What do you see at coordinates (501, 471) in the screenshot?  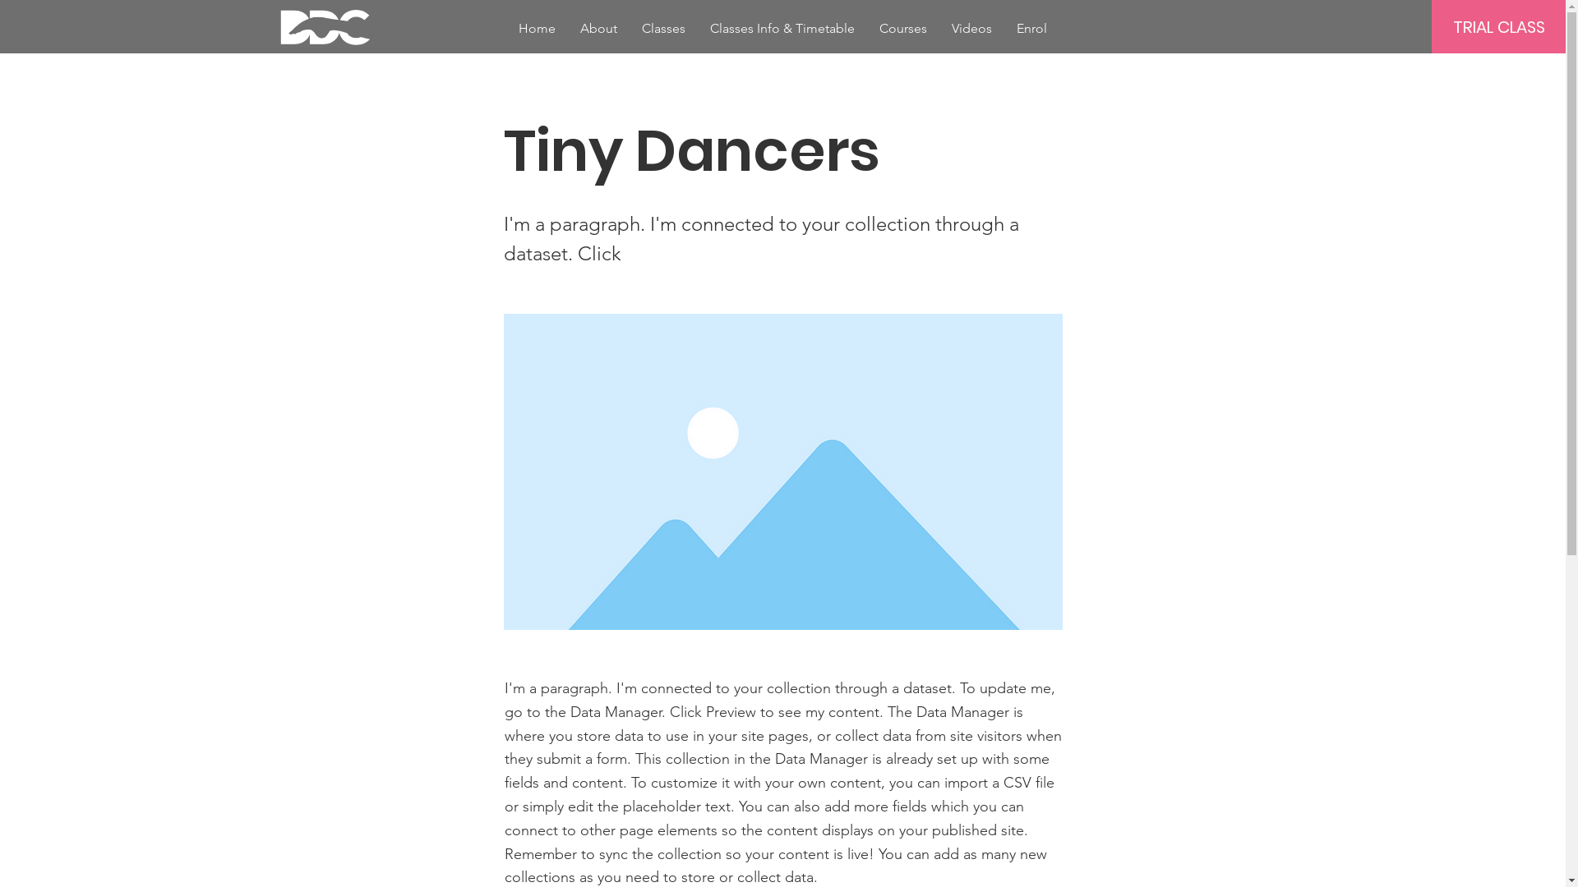 I see `'Tiny Dancers'` at bounding box center [501, 471].